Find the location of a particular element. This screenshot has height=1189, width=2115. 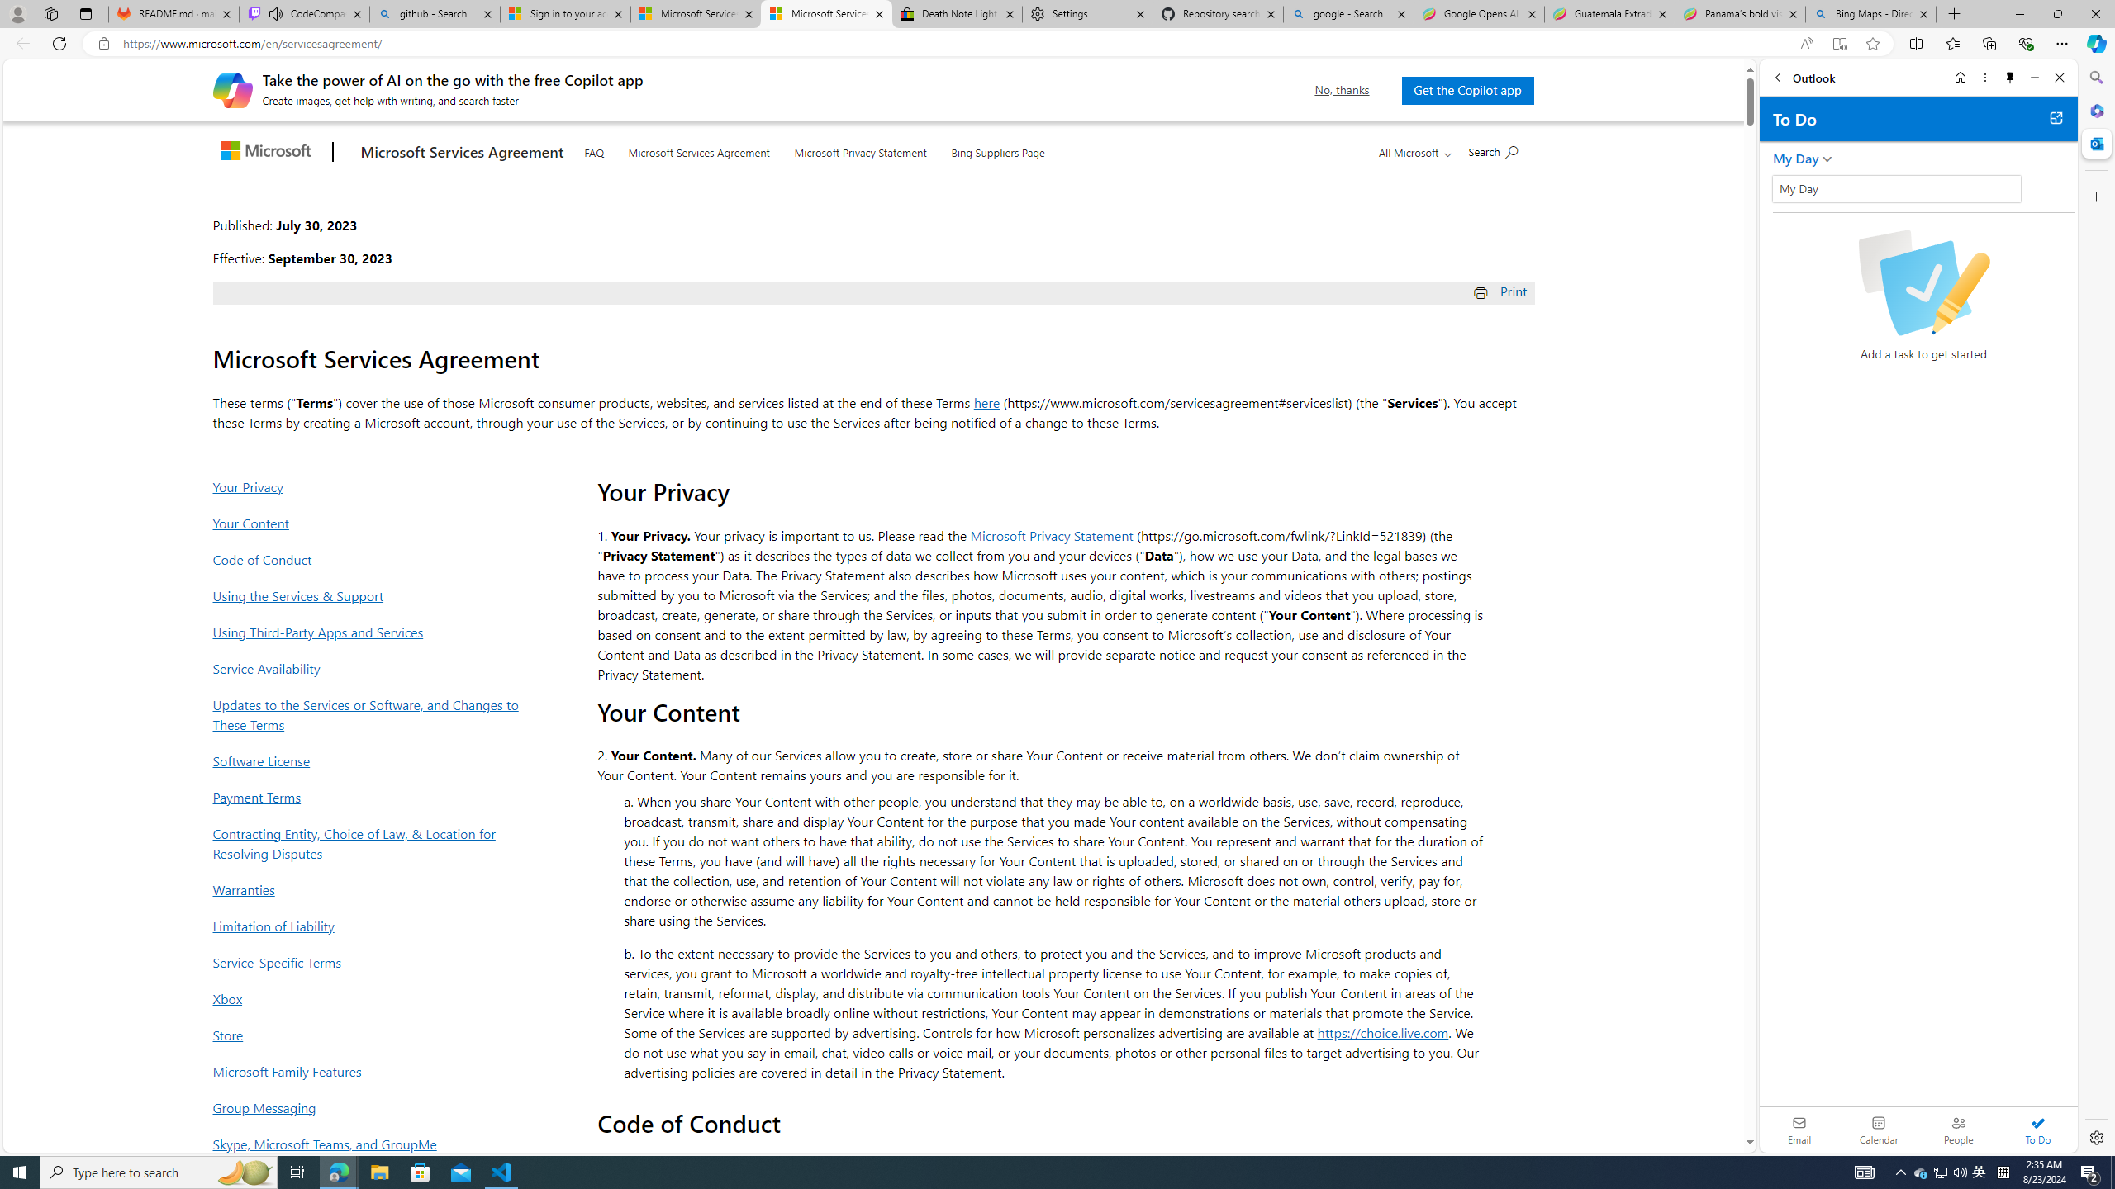

'Using the Services & Support' is located at coordinates (370, 594).